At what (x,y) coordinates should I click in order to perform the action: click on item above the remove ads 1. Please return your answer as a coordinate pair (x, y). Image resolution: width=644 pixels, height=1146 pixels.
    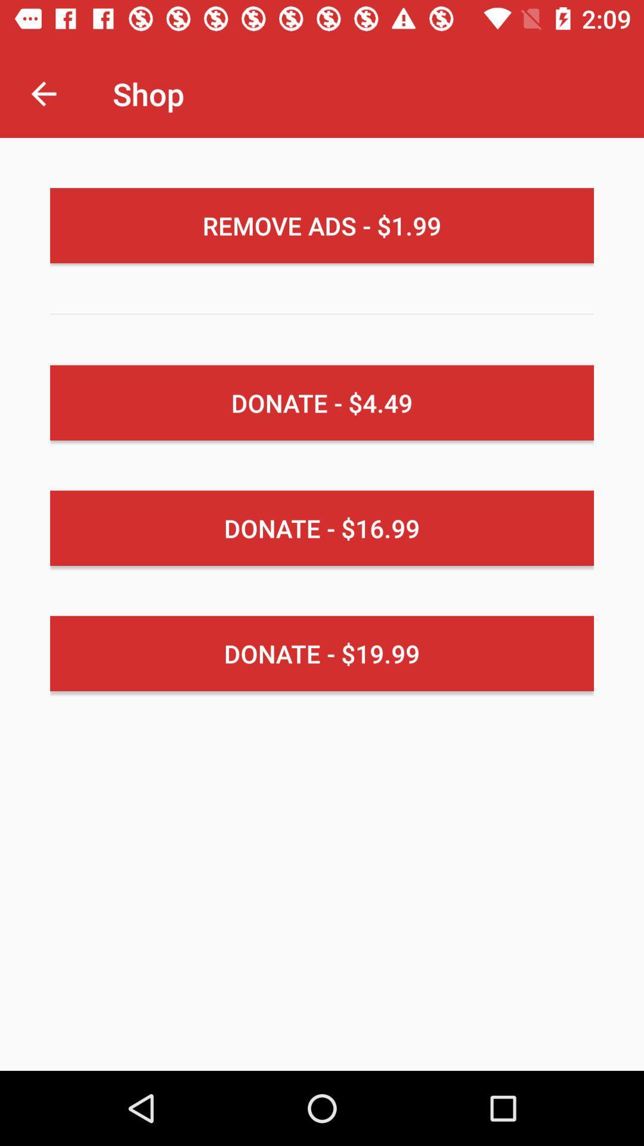
    Looking at the image, I should click on (43, 93).